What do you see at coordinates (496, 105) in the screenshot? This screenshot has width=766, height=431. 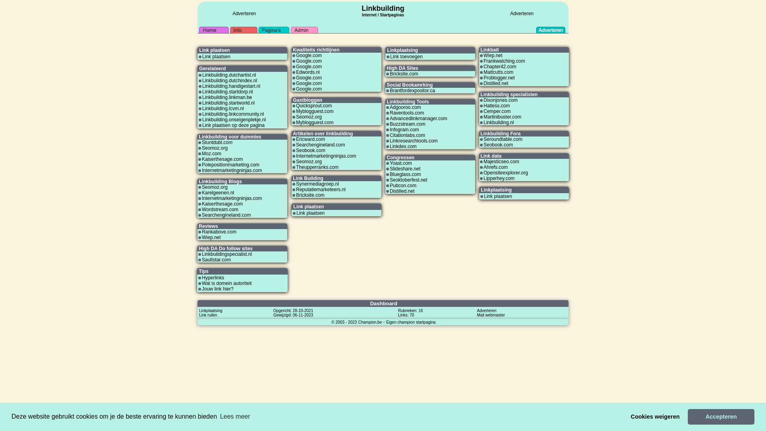 I see `'Hatless.com'` at bounding box center [496, 105].